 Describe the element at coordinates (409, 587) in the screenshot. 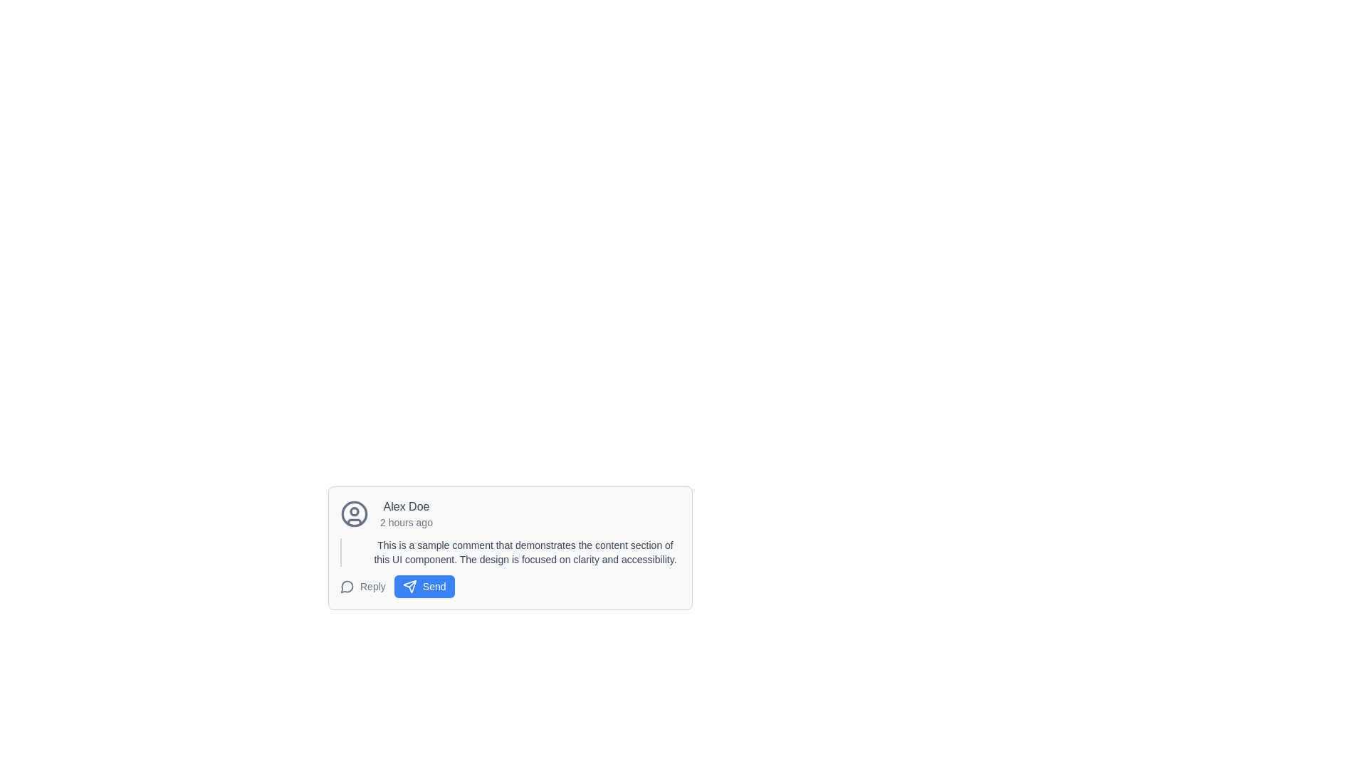

I see `the small arrow-like icon resembling a paper airplane, which represents the 'Send' action, located within the 'Send' button at the bottom right corner of the comment component` at that location.